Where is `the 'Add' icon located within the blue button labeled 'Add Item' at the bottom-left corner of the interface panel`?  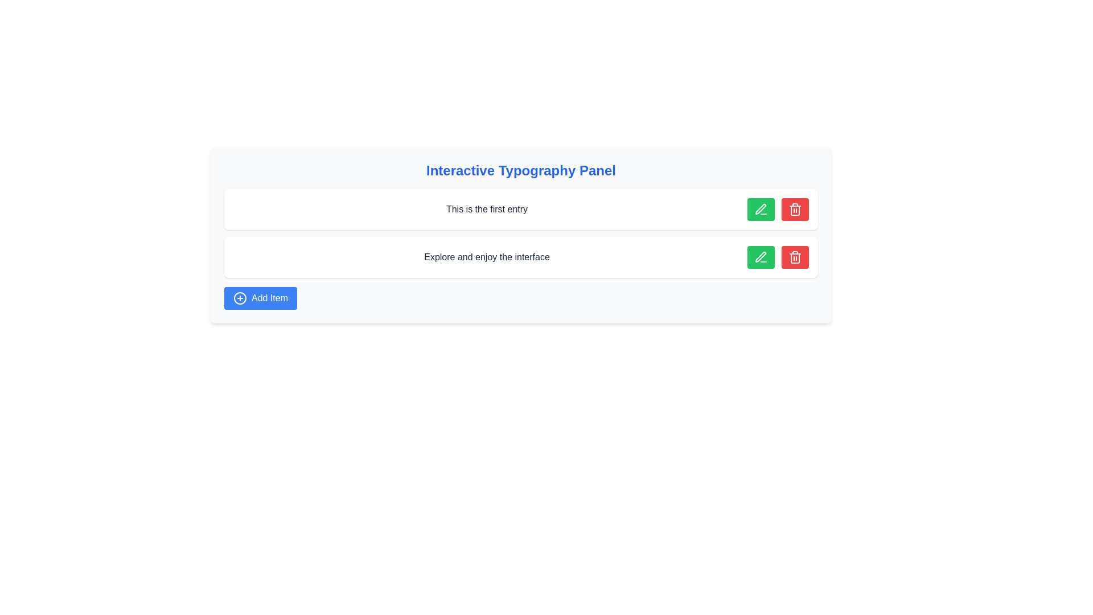
the 'Add' icon located within the blue button labeled 'Add Item' at the bottom-left corner of the interface panel is located at coordinates (240, 298).